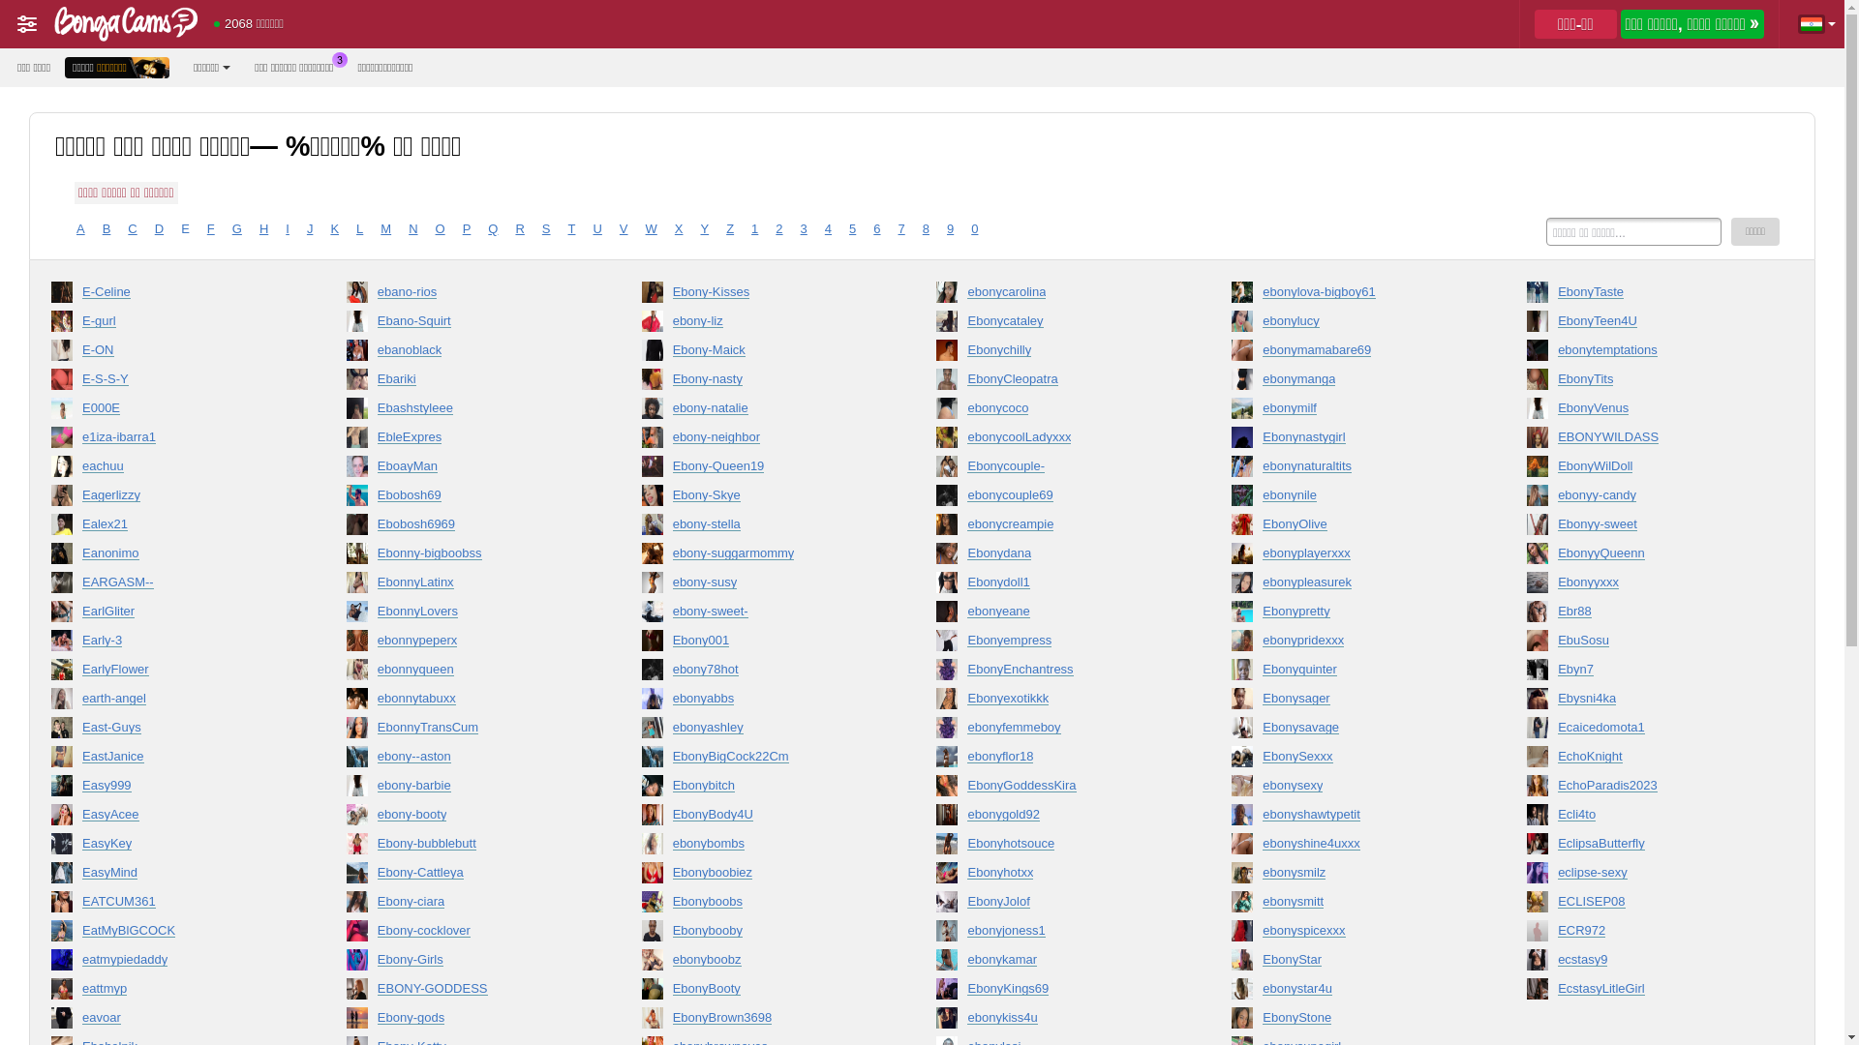  Describe the element at coordinates (466, 790) in the screenshot. I see `'ebony-barbie'` at that location.